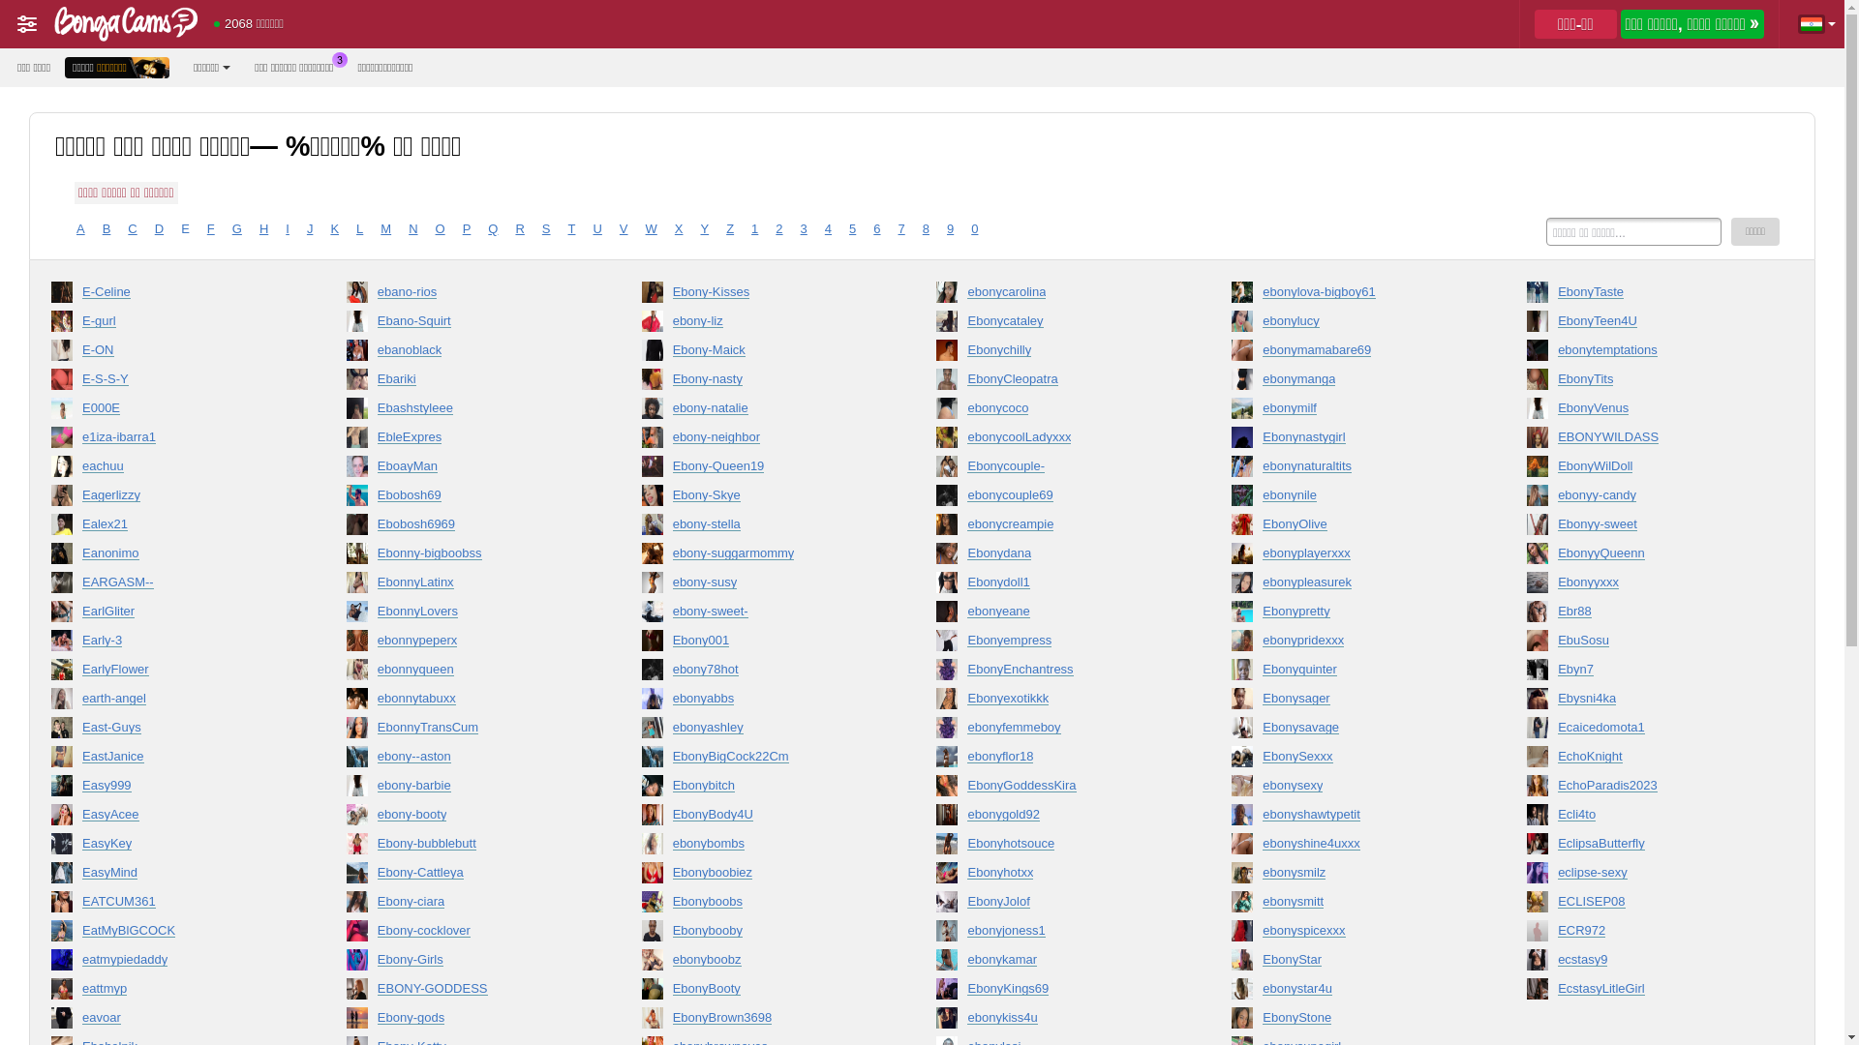  Describe the element at coordinates (466, 790) in the screenshot. I see `'ebony-barbie'` at that location.